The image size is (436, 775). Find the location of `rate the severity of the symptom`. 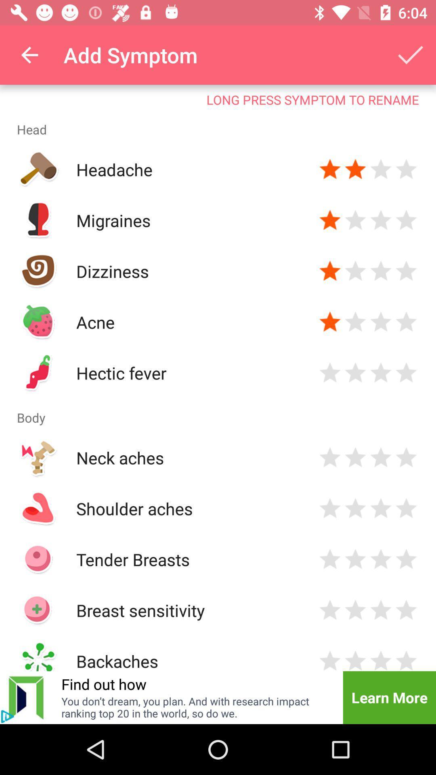

rate the severity of the symptom is located at coordinates (406, 373).